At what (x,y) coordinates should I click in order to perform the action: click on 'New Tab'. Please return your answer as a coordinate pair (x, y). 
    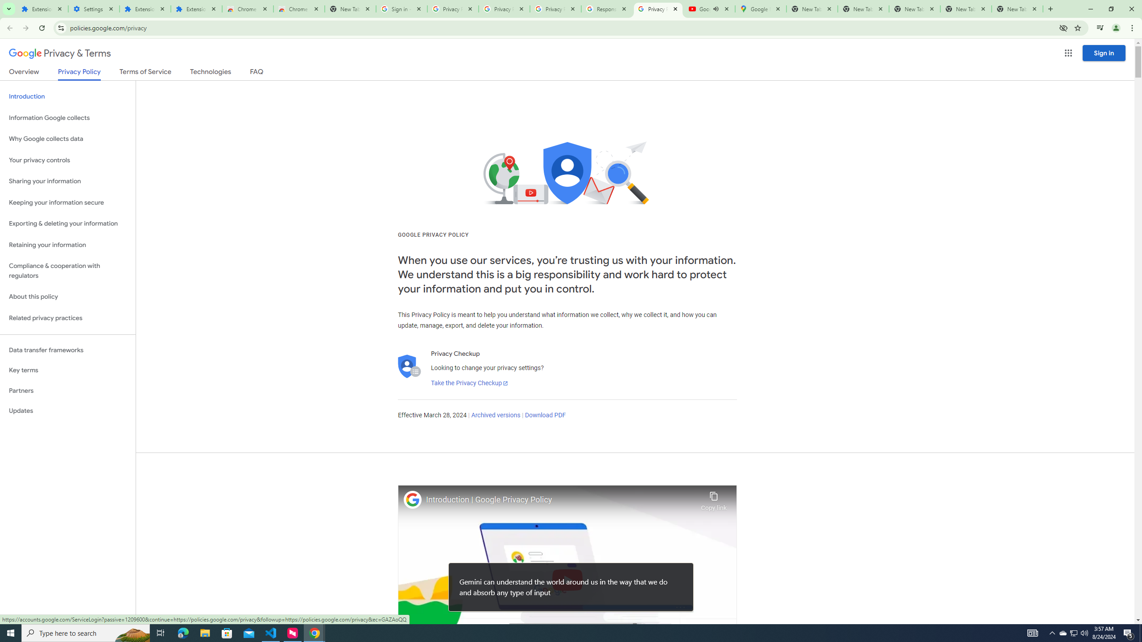
    Looking at the image, I should click on (1017, 8).